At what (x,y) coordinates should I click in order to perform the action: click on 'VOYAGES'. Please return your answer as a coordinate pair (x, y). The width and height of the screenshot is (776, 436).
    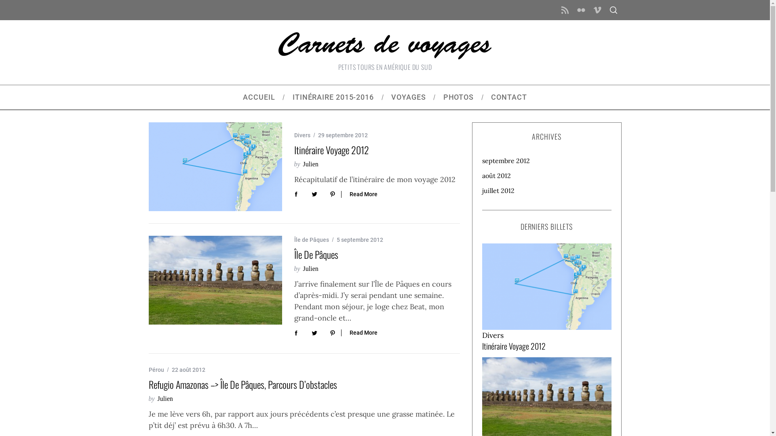
    Looking at the image, I should click on (382, 96).